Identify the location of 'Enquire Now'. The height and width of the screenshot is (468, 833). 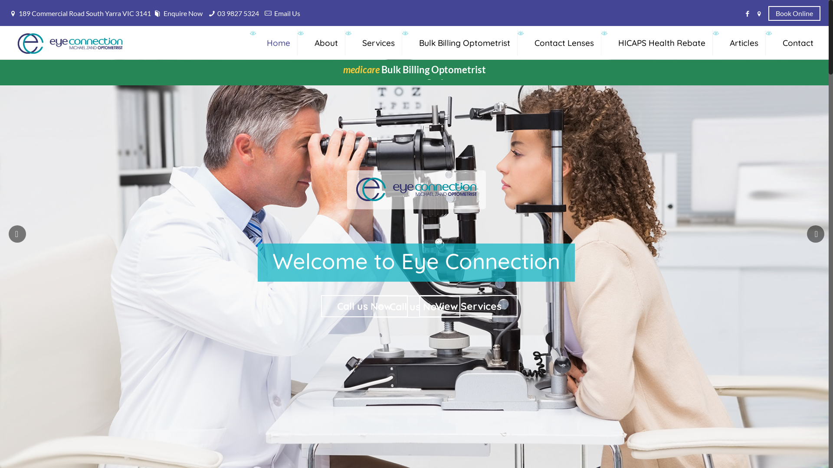
(152, 13).